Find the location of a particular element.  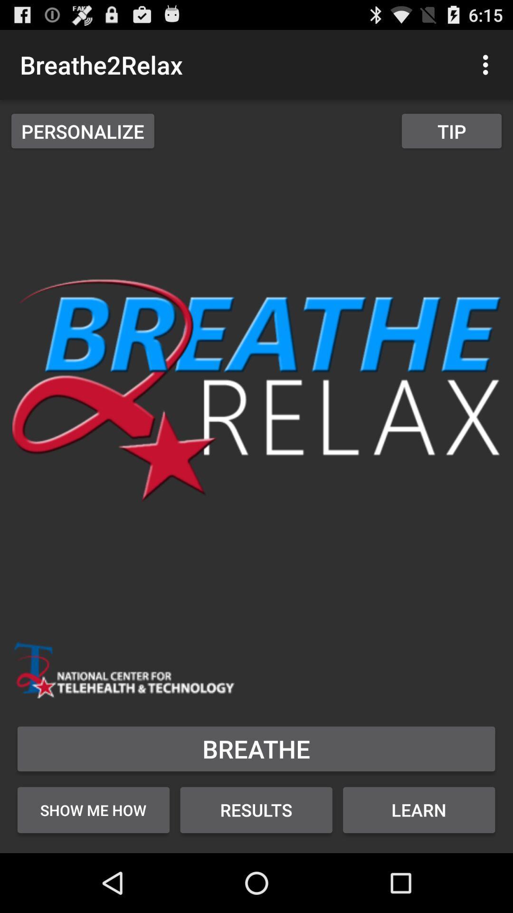

the item next to the show me how button is located at coordinates (256, 809).